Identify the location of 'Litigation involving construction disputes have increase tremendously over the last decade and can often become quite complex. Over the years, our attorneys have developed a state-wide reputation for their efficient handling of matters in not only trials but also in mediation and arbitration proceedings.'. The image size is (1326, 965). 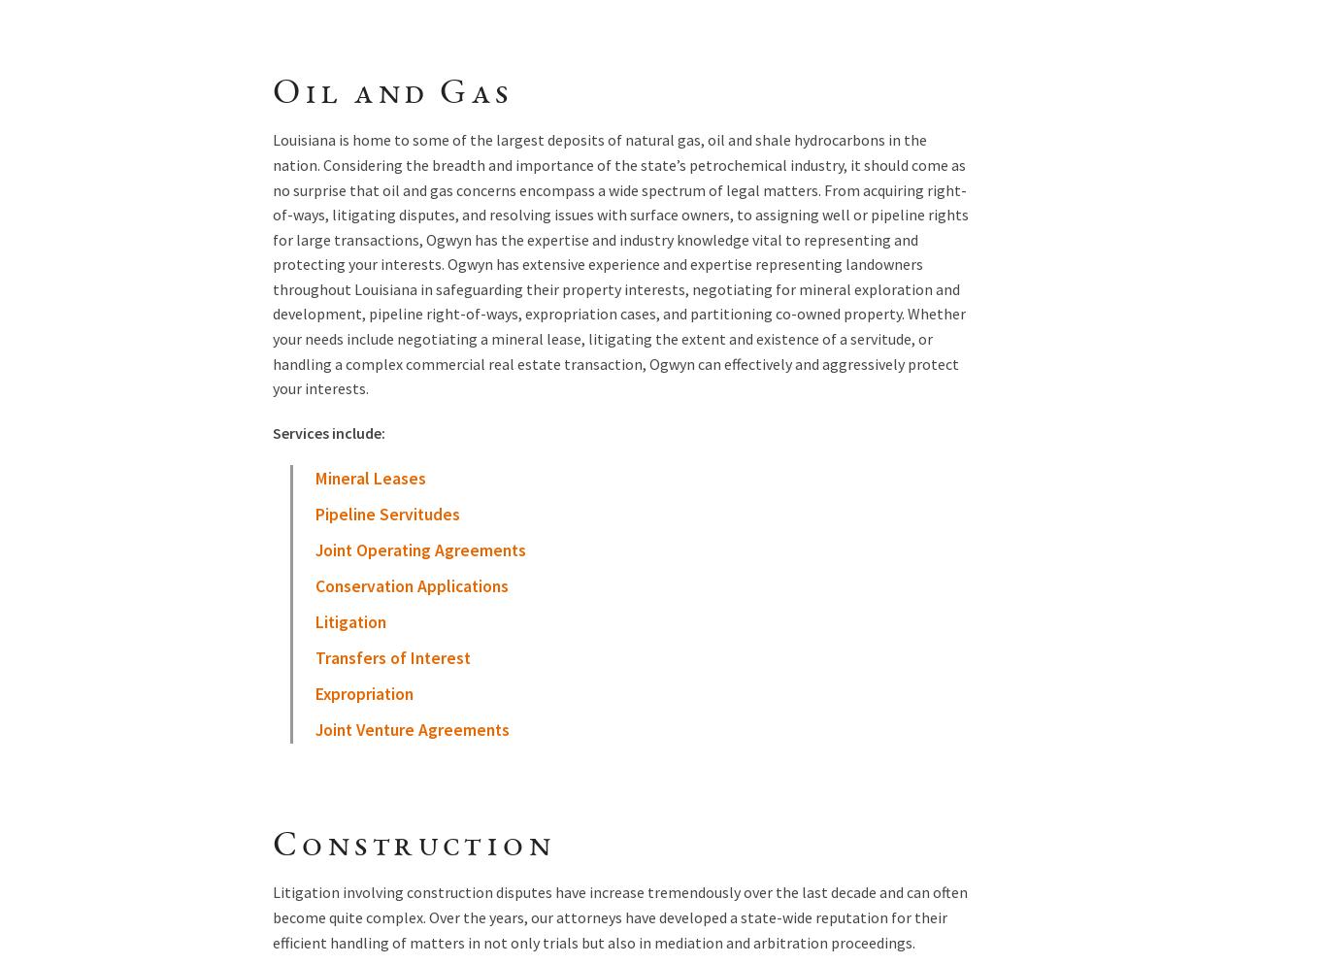
(619, 916).